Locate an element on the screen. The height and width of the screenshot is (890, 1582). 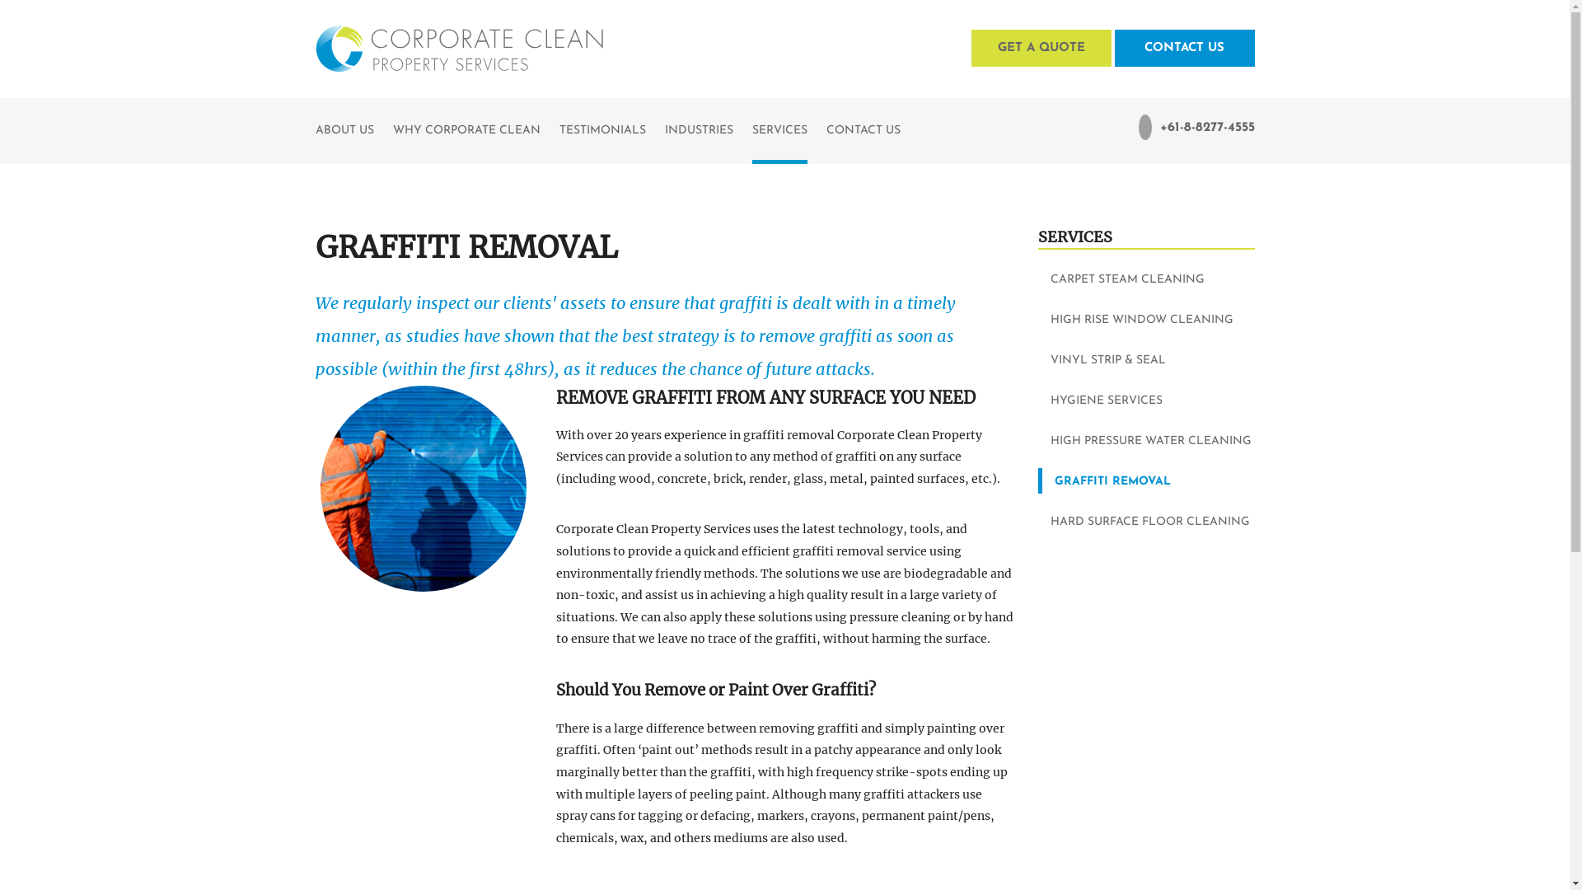
'HIGH RISE WINDOW CLEANING' is located at coordinates (1037, 319).